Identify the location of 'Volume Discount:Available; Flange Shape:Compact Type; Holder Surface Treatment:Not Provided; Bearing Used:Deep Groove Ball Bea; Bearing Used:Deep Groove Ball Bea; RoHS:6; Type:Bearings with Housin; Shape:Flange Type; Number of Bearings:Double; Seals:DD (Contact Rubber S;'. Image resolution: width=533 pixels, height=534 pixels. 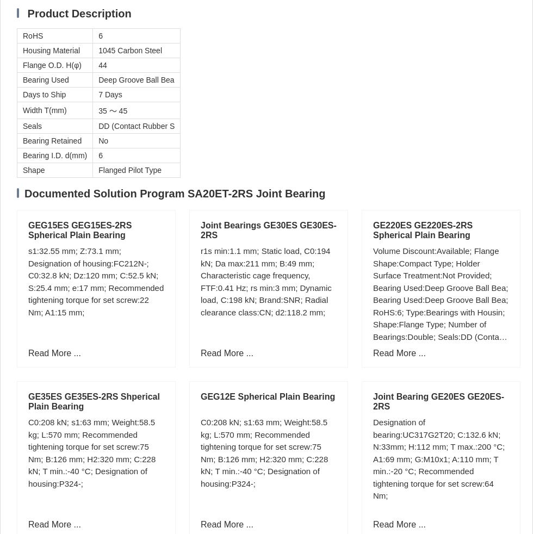
(440, 299).